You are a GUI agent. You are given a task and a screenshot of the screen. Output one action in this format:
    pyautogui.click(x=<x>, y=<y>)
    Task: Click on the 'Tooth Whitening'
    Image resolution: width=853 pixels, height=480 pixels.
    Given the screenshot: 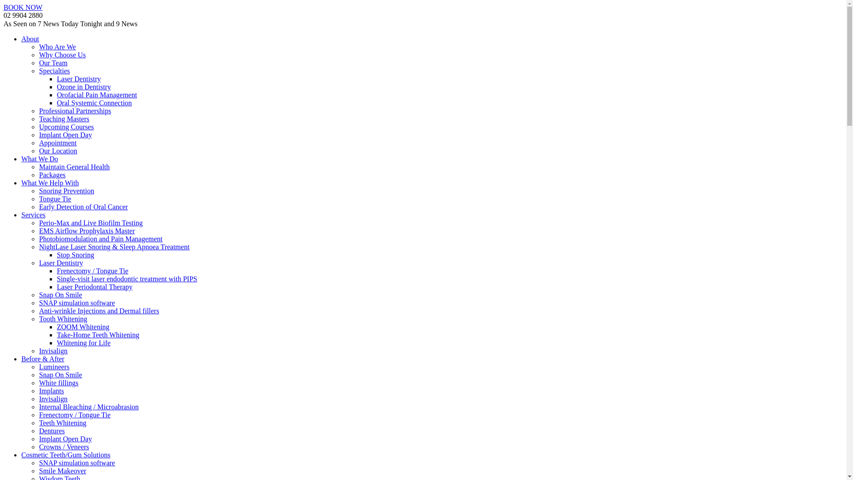 What is the action you would take?
    pyautogui.click(x=63, y=318)
    